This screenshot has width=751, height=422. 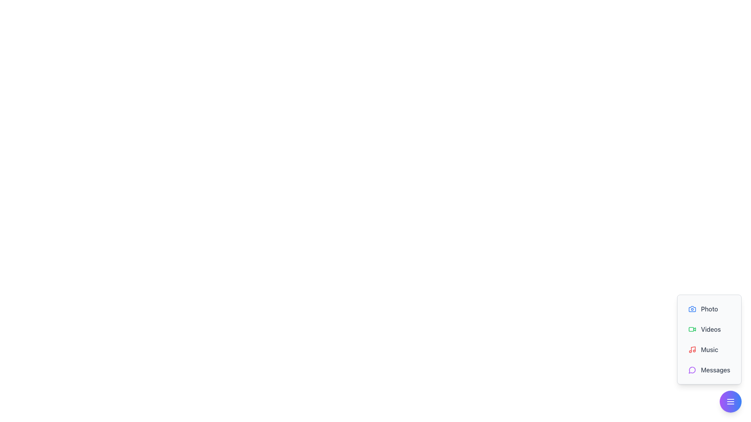 I want to click on the 'Music' navigation button, which features a red musical note icon and medium gray text, located as the third item in a vertical list under 'Photo' and 'Videos', so click(x=709, y=354).